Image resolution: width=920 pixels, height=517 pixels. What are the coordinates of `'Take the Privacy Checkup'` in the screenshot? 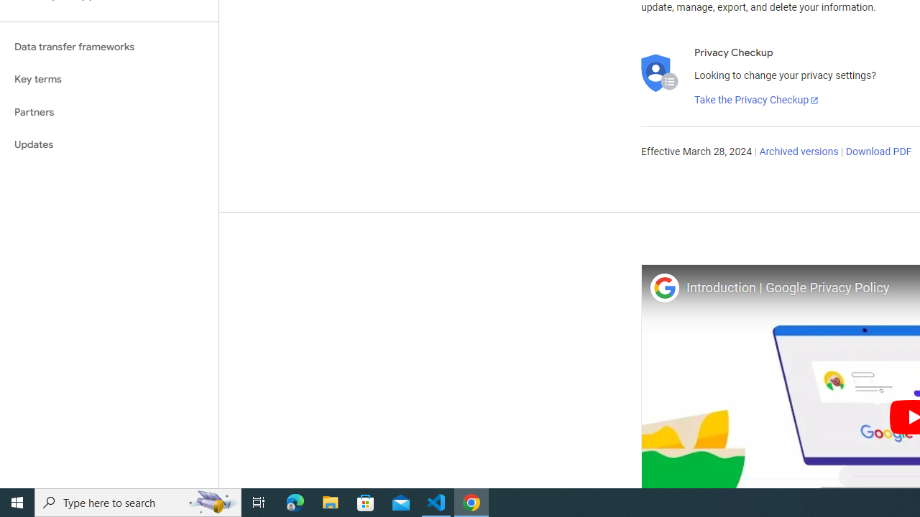 It's located at (756, 100).